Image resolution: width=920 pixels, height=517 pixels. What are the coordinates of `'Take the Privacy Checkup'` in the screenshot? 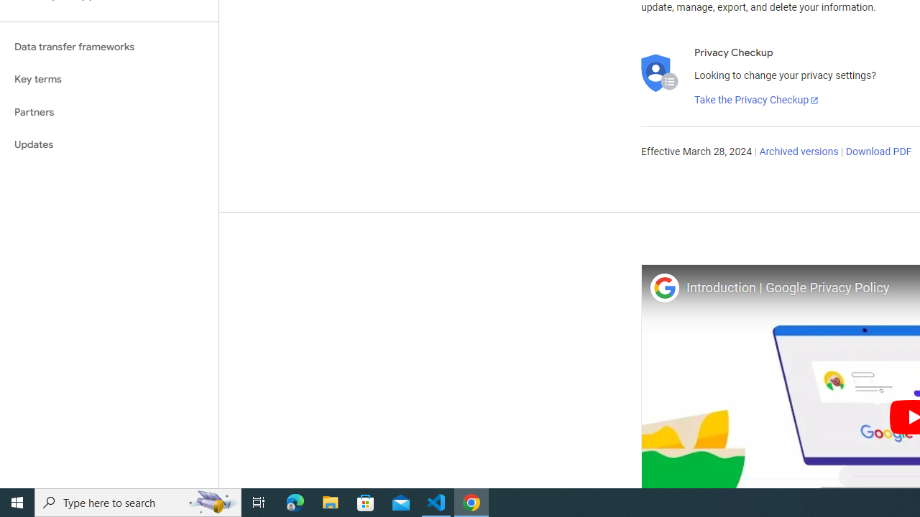 It's located at (756, 100).